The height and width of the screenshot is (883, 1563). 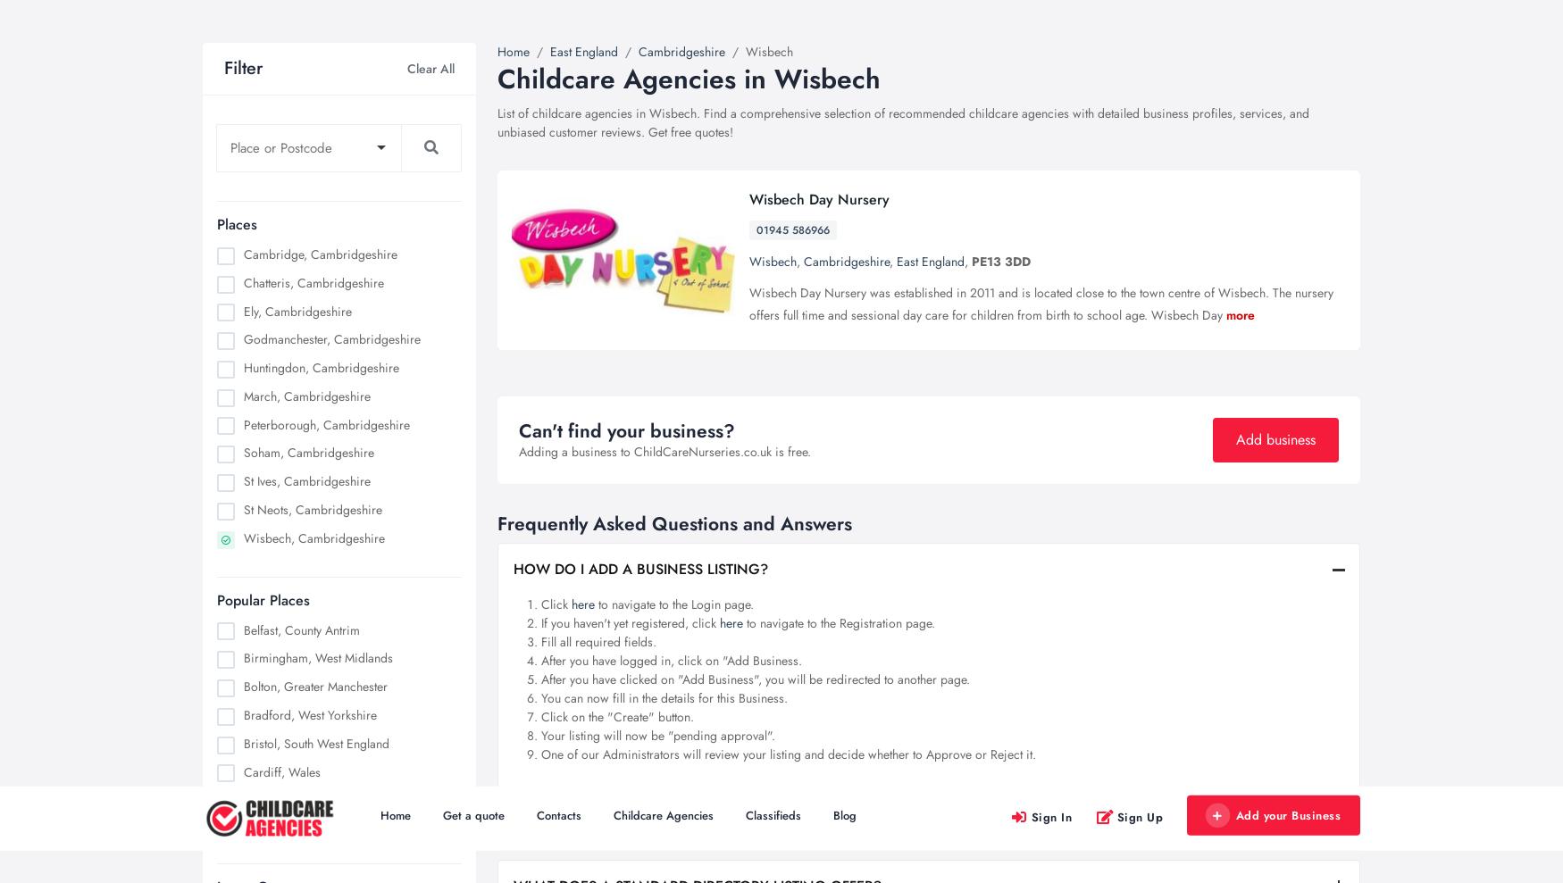 What do you see at coordinates (313, 192) in the screenshot?
I see `'AFTER SCHOOL CARE THURSDAYS'` at bounding box center [313, 192].